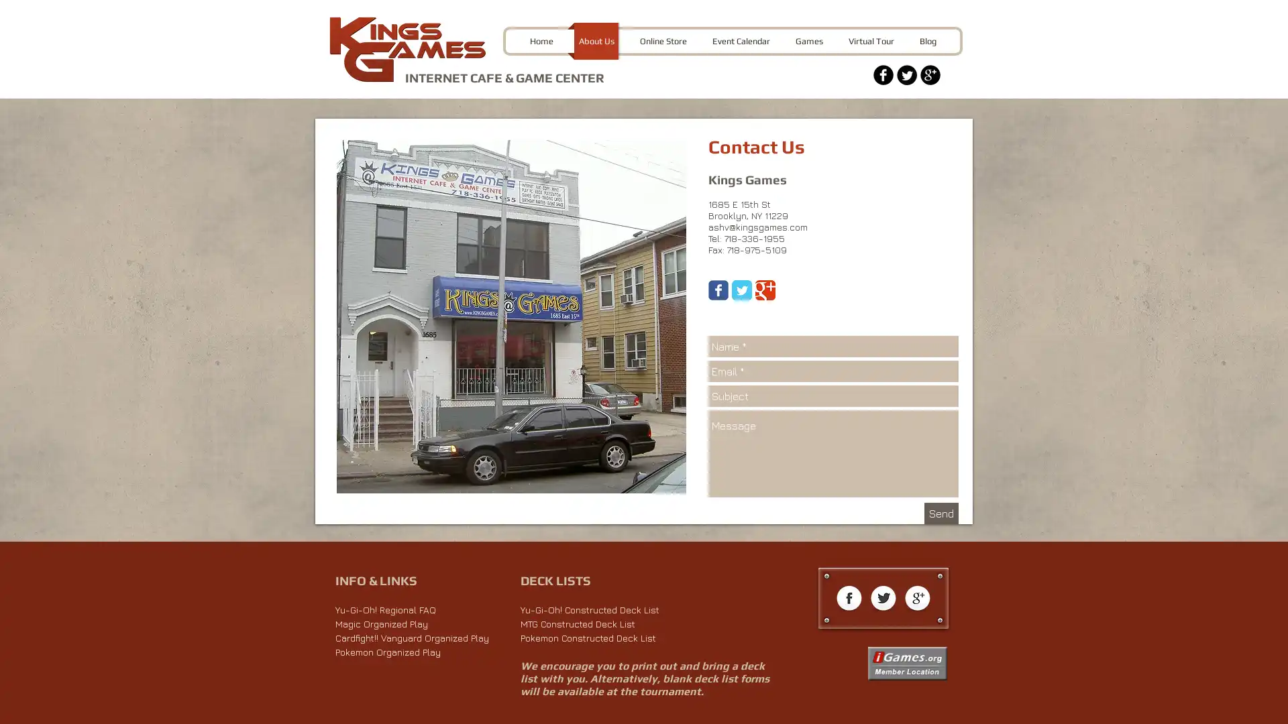  What do you see at coordinates (941, 513) in the screenshot?
I see `Send` at bounding box center [941, 513].